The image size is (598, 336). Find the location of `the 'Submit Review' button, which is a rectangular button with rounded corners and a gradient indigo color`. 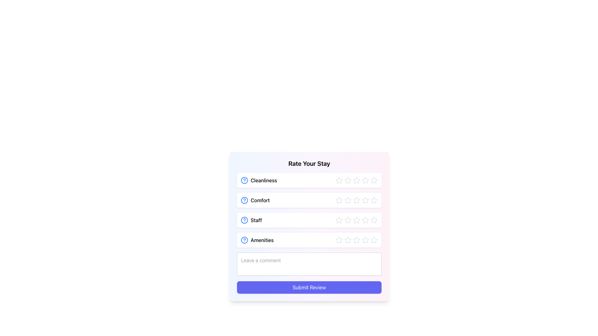

the 'Submit Review' button, which is a rectangular button with rounded corners and a gradient indigo color is located at coordinates (309, 287).